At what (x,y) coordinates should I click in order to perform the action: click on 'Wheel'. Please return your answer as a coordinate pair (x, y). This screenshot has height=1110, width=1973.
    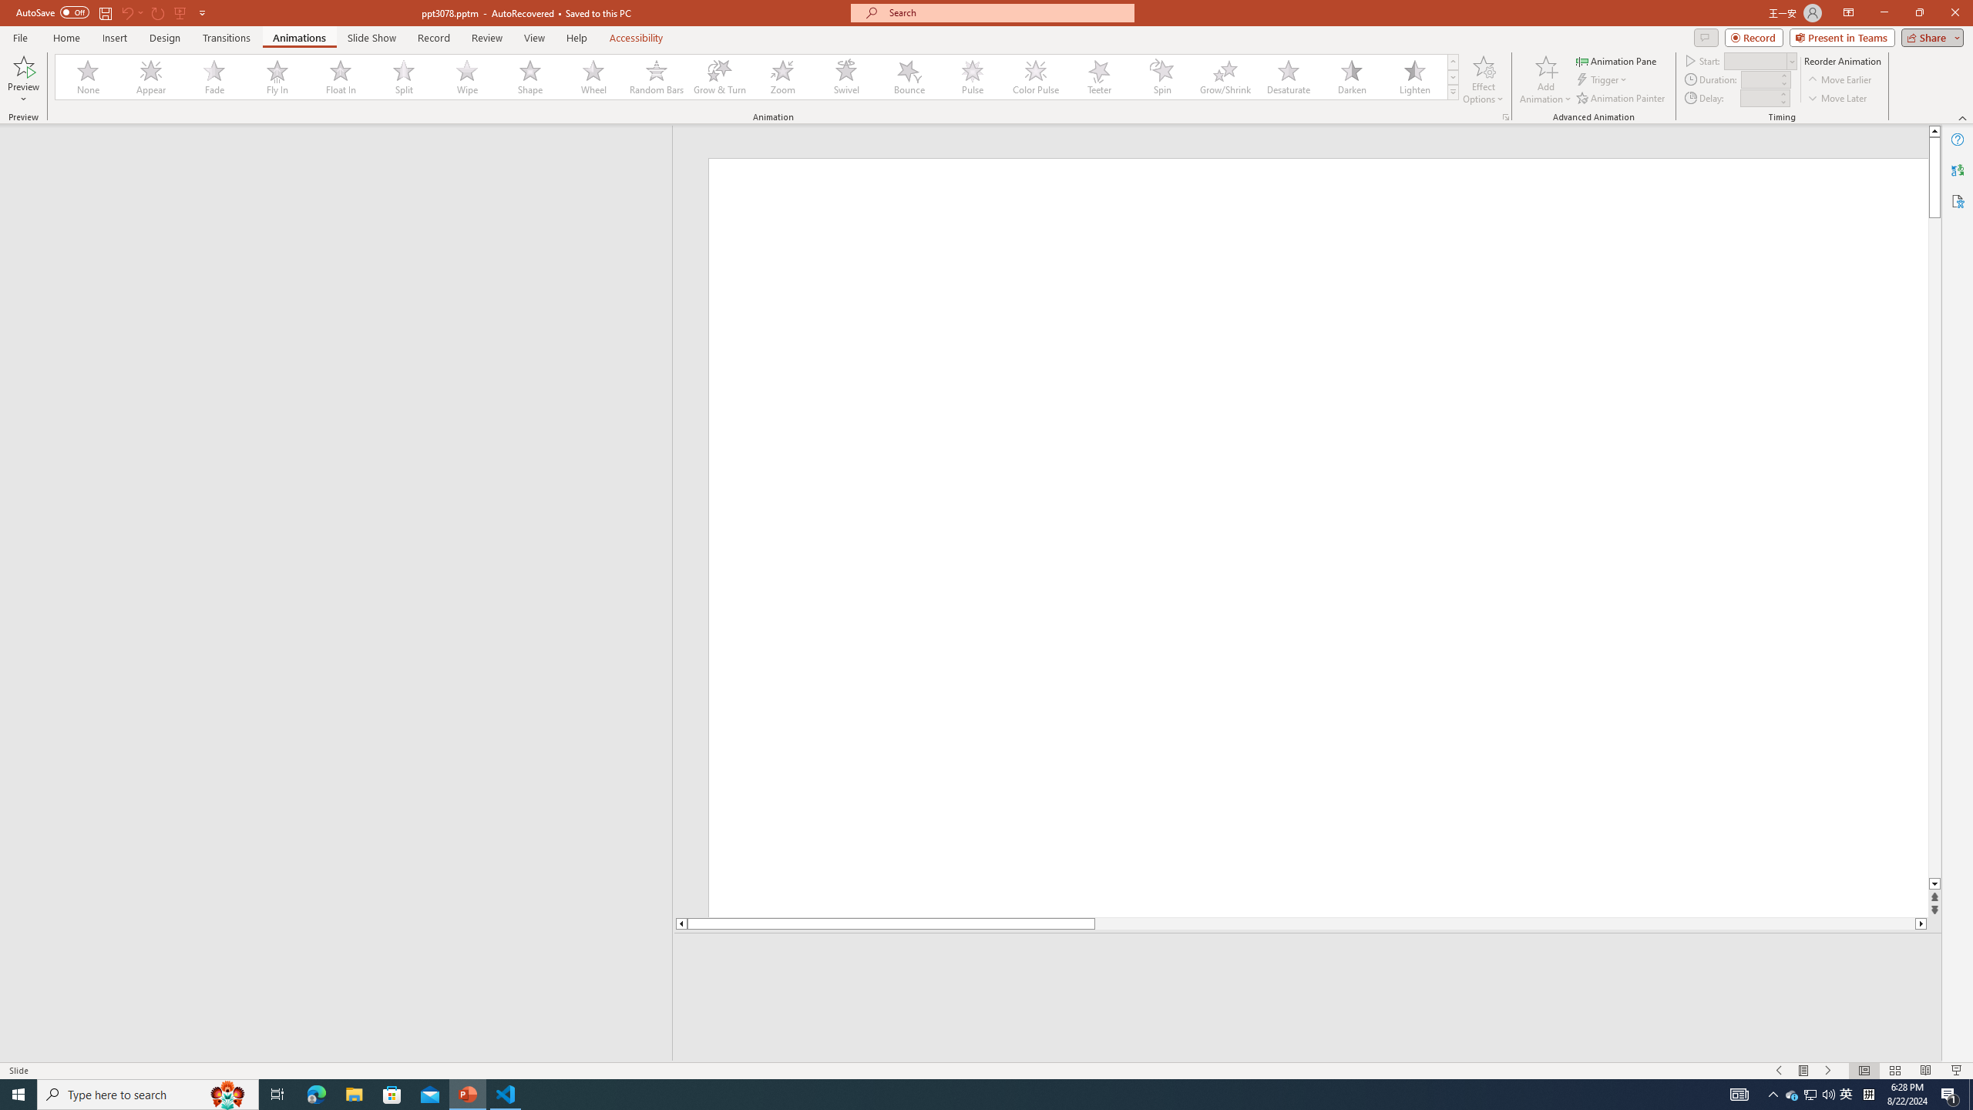
    Looking at the image, I should click on (593, 76).